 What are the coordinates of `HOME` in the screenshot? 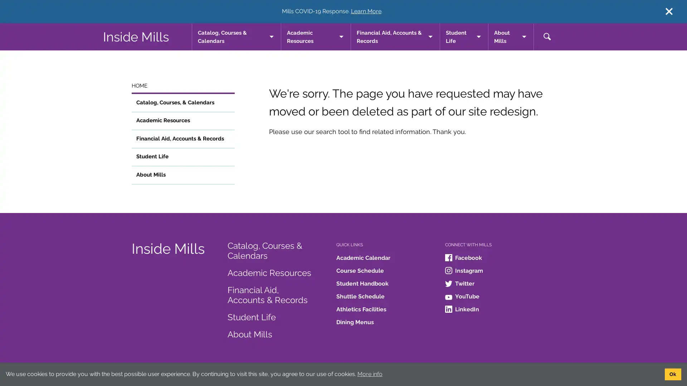 It's located at (183, 85).